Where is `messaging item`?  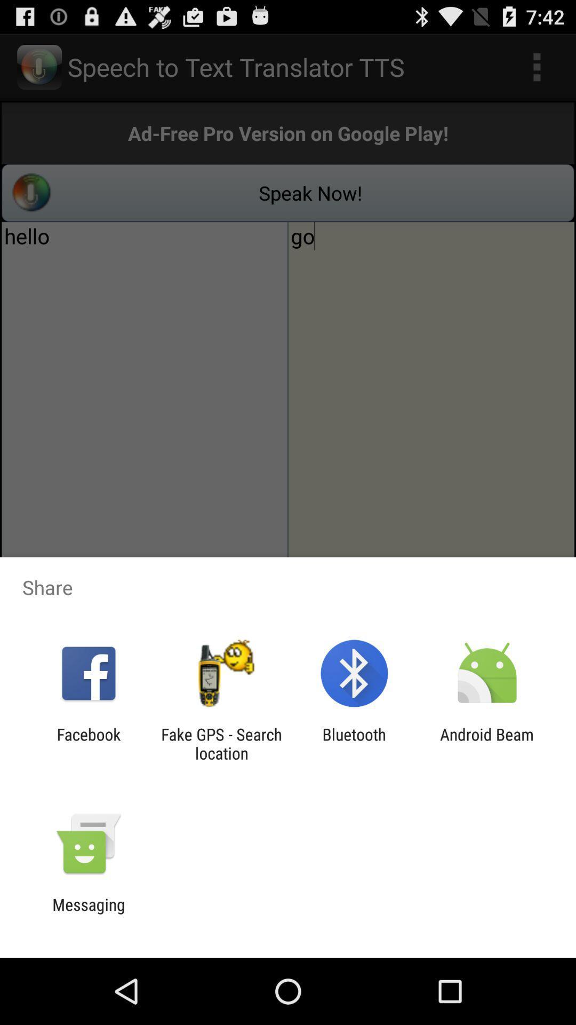
messaging item is located at coordinates (88, 913).